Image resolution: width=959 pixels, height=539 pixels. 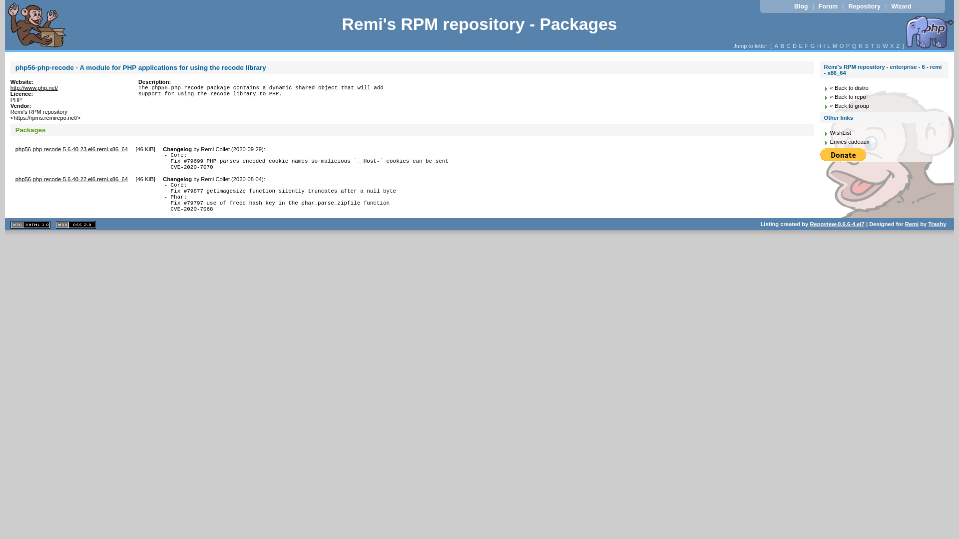 What do you see at coordinates (895, 46) in the screenshot?
I see `'Z'` at bounding box center [895, 46].